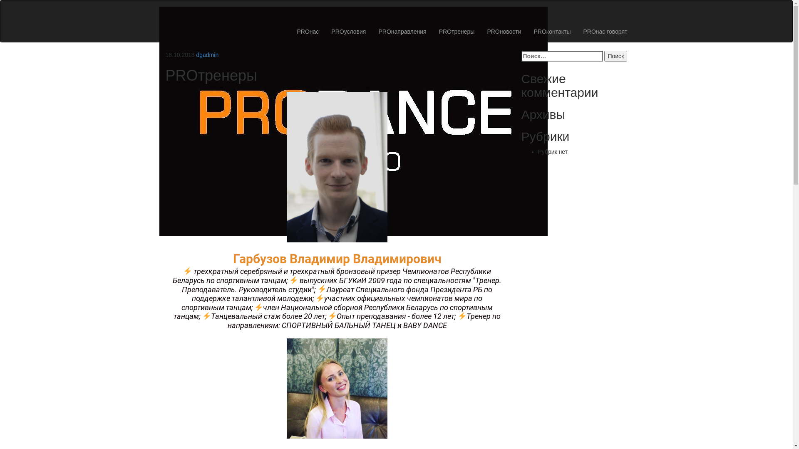  I want to click on 'dgadmin', so click(207, 54).